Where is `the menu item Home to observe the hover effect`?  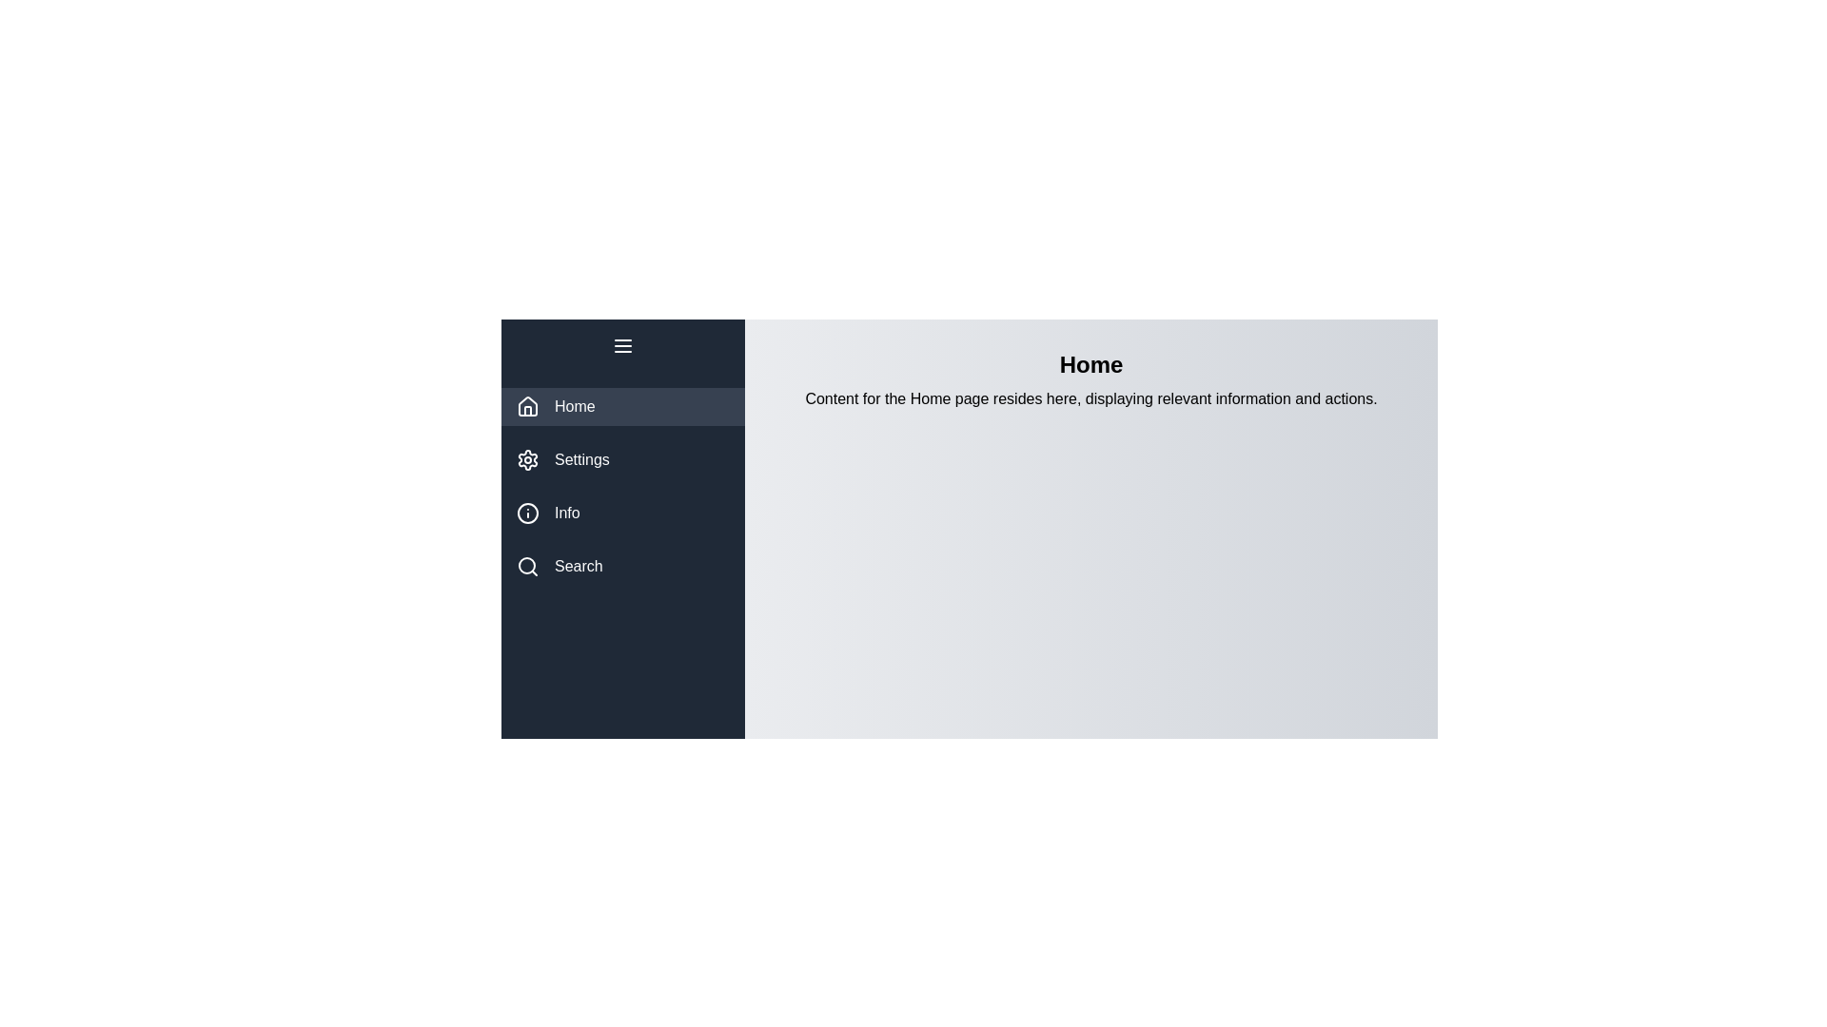
the menu item Home to observe the hover effect is located at coordinates (622, 406).